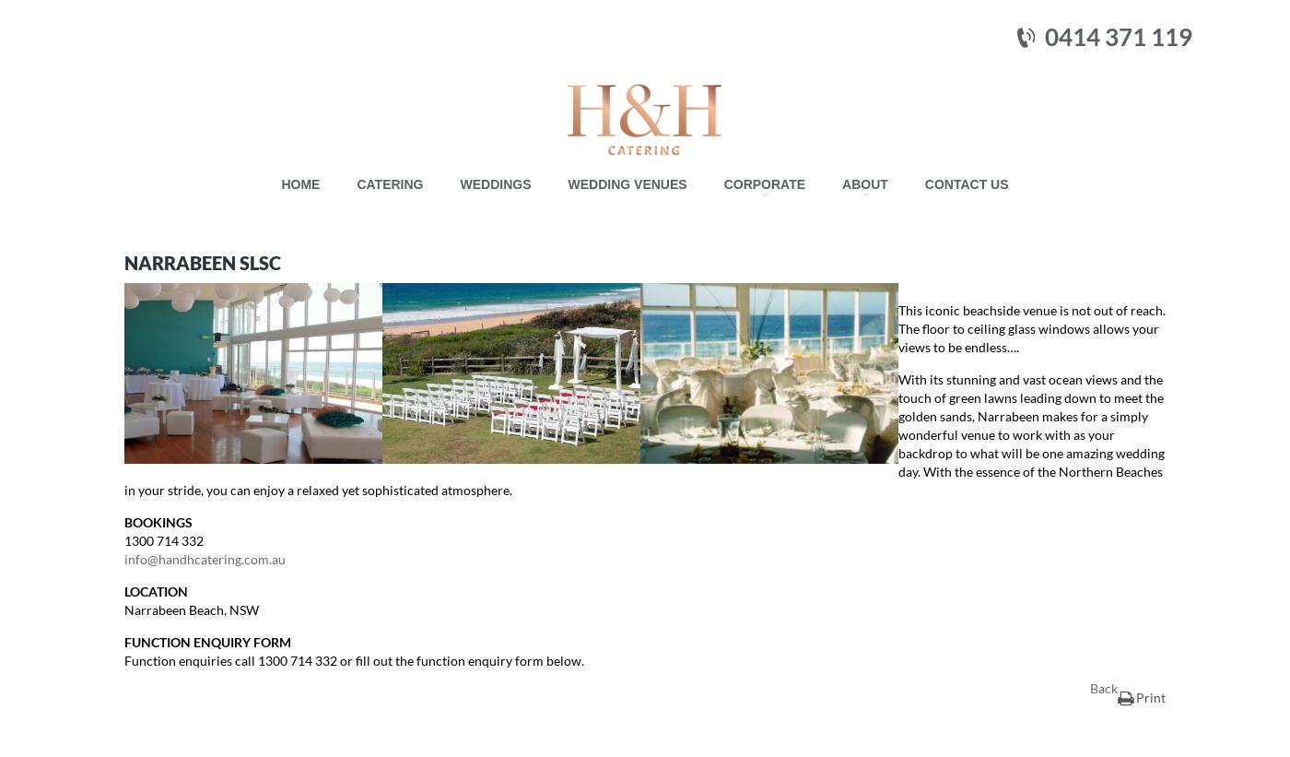 The image size is (1290, 757). What do you see at coordinates (207, 642) in the screenshot?
I see `'FUNCTION ENQUIRY FORM'` at bounding box center [207, 642].